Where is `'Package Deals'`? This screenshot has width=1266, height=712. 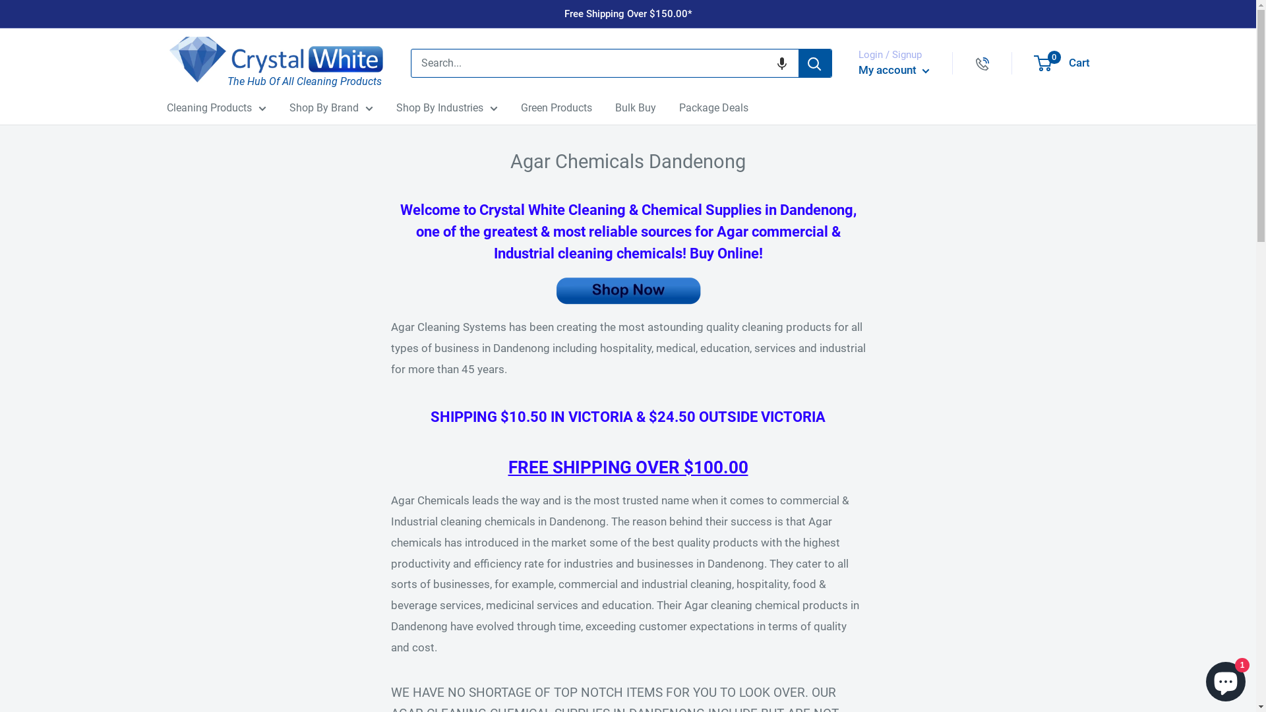
'Package Deals' is located at coordinates (679, 107).